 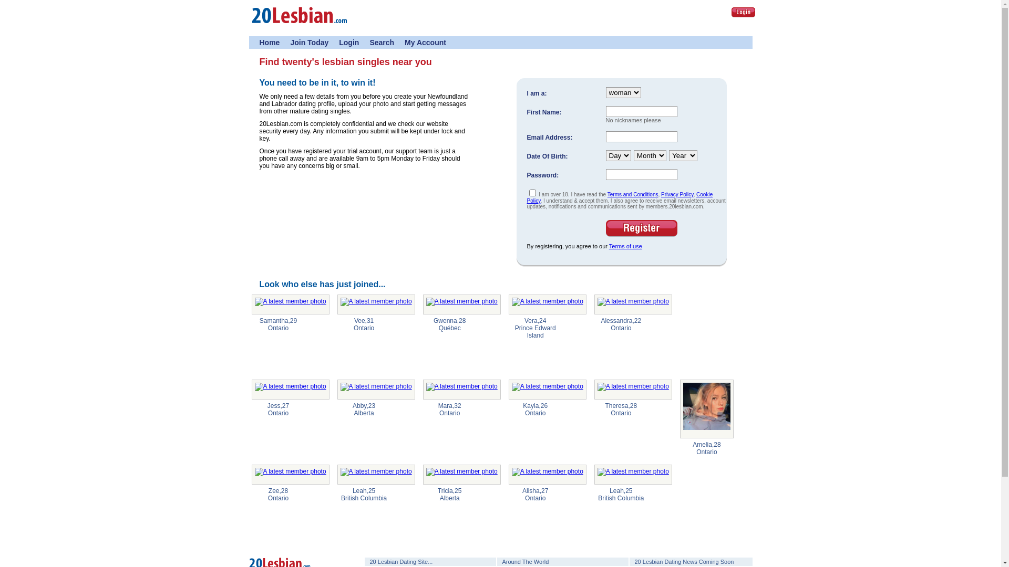 I want to click on 'Search', so click(x=381, y=42).